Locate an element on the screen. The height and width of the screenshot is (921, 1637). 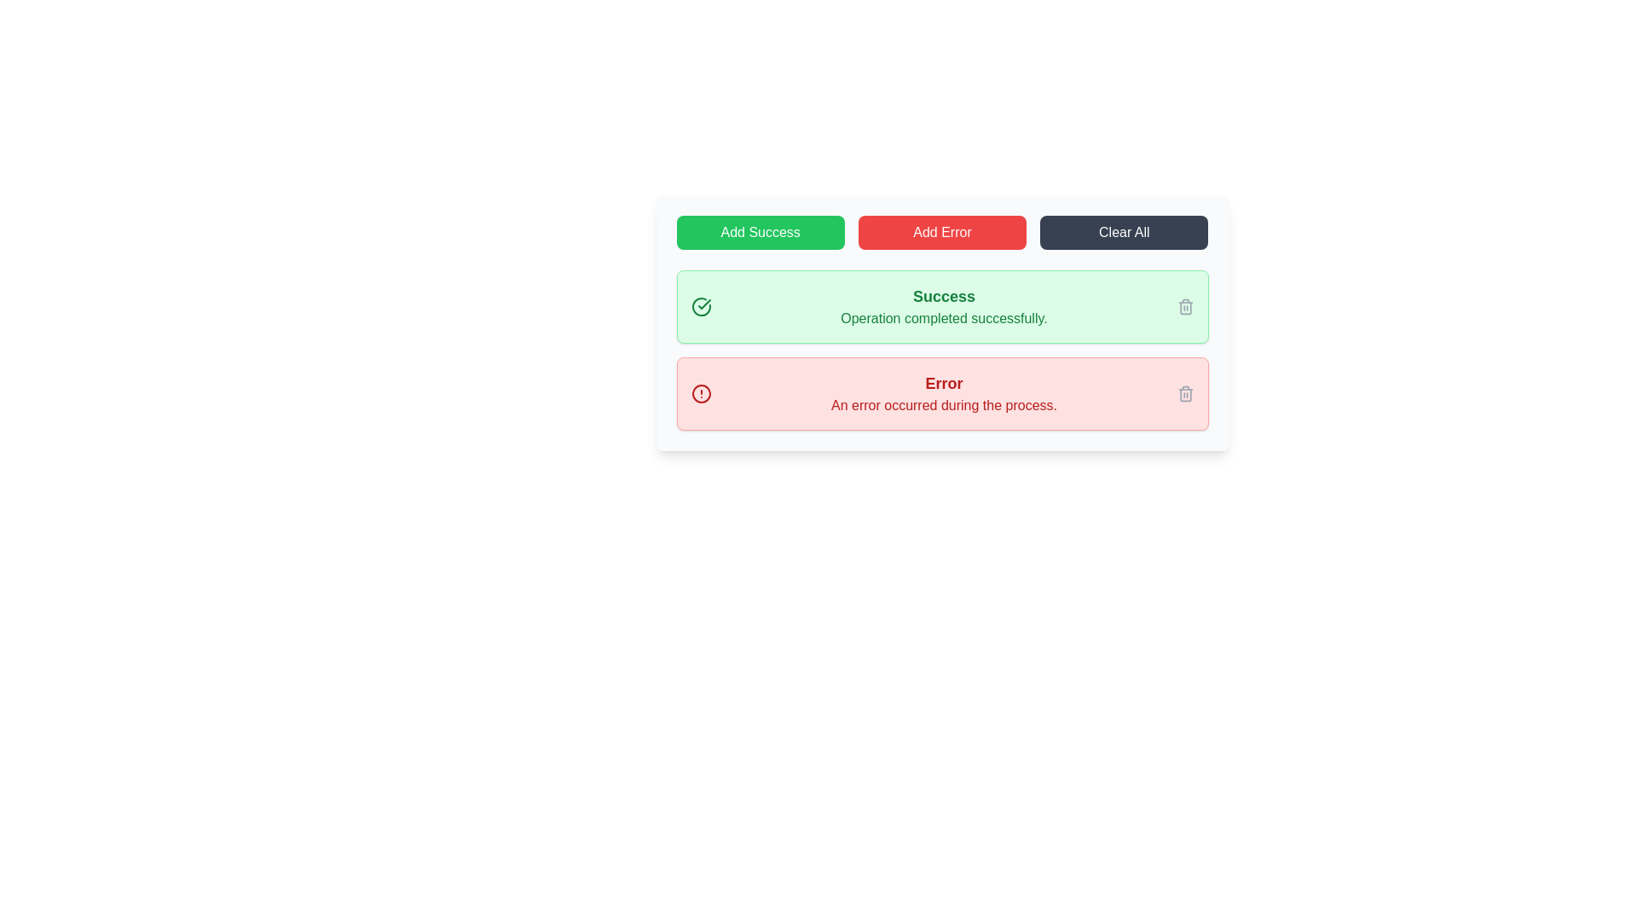
the text label displaying 'Operation completed successfully.' which is in green text and located below the 'Success' title in the light green notification box is located at coordinates (943, 319).